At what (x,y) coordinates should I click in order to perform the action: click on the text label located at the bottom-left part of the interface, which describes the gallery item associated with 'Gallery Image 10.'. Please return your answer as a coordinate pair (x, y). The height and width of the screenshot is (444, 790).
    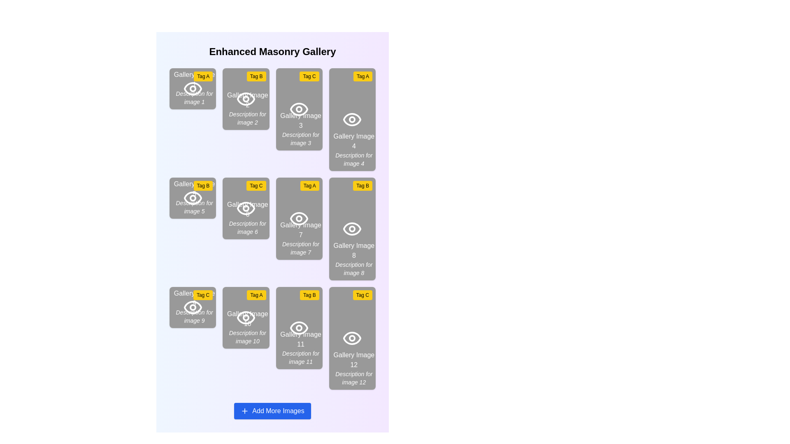
    Looking at the image, I should click on (247, 337).